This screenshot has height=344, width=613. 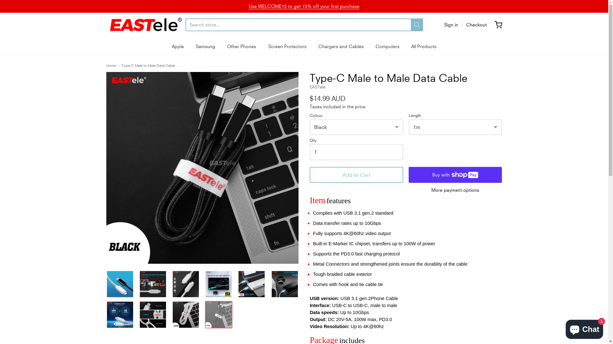 What do you see at coordinates (139, 283) in the screenshot?
I see `'Type-C Male to Male Data Cable'` at bounding box center [139, 283].